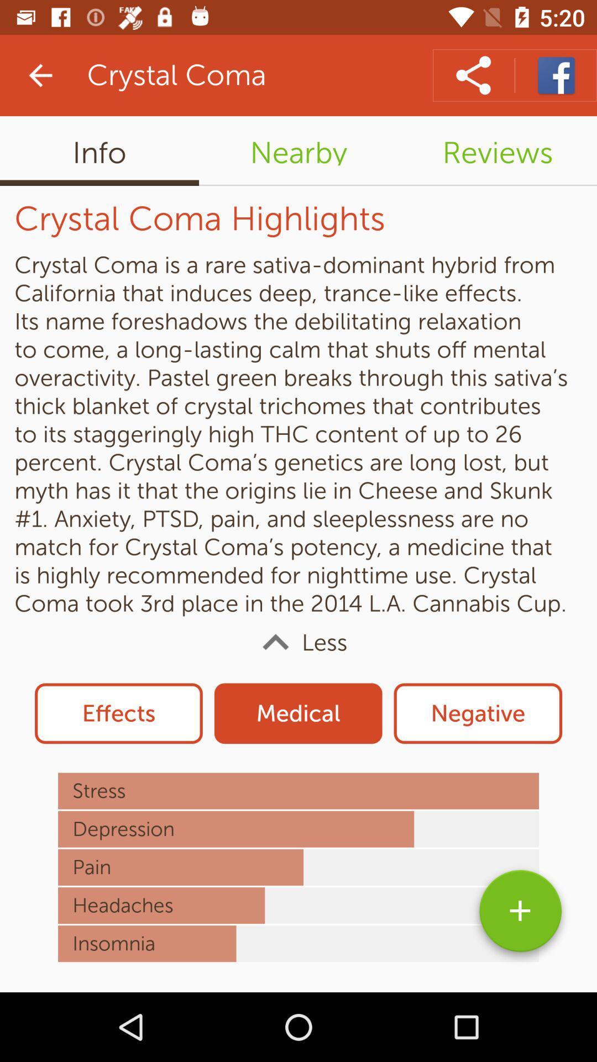 This screenshot has width=597, height=1062. What do you see at coordinates (496, 150) in the screenshot?
I see `reviews` at bounding box center [496, 150].